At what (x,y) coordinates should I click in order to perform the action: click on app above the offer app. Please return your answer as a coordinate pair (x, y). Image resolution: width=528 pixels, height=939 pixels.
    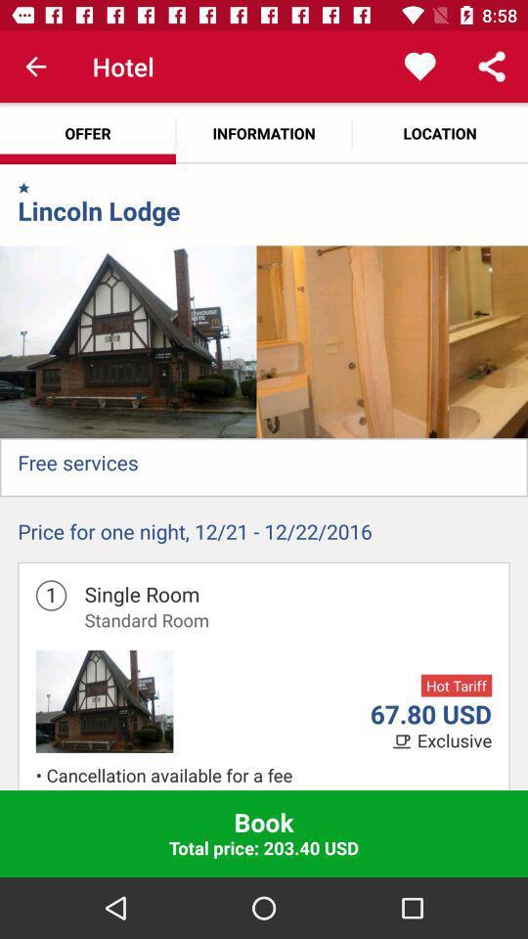
    Looking at the image, I should click on (35, 67).